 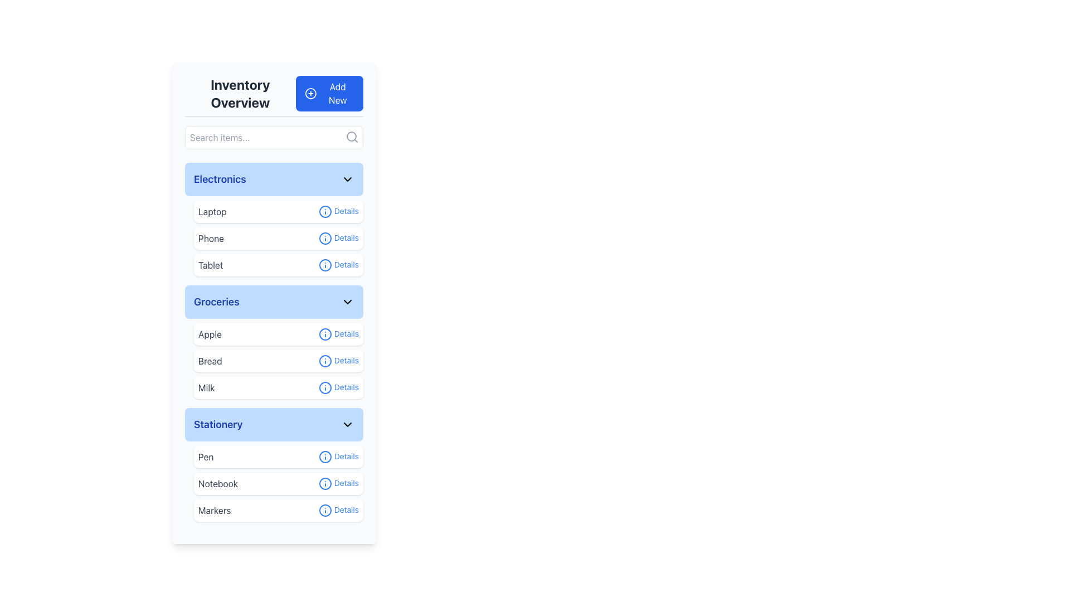 I want to click on the circular blue outlined icon representing 'info' located in the second row under the 'Electronics' section, positioned to the right of 'Phone' and before the 'Details' text, so click(x=324, y=238).